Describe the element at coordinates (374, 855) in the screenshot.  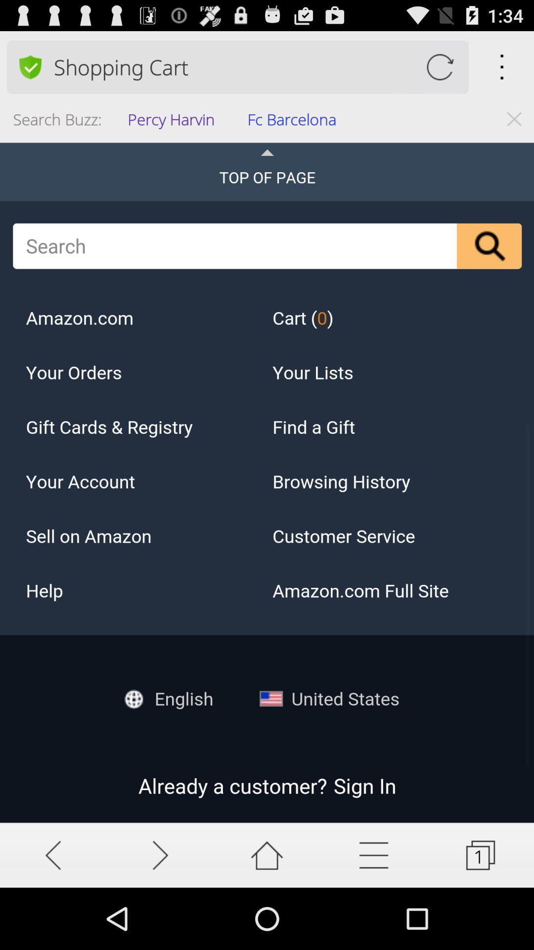
I see `item to the left of the 1` at that location.